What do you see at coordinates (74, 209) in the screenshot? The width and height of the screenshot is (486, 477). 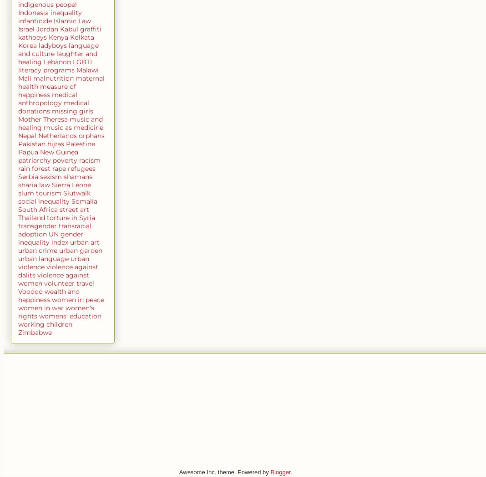 I see `'street art'` at bounding box center [74, 209].